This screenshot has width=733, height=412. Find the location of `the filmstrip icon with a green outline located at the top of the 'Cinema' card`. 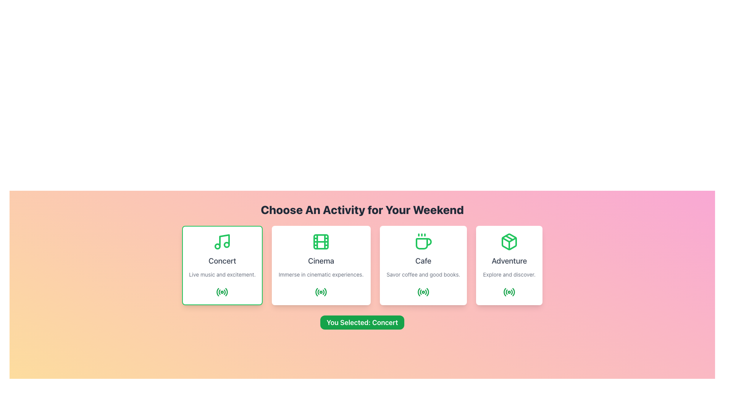

the filmstrip icon with a green outline located at the top of the 'Cinema' card is located at coordinates (321, 241).